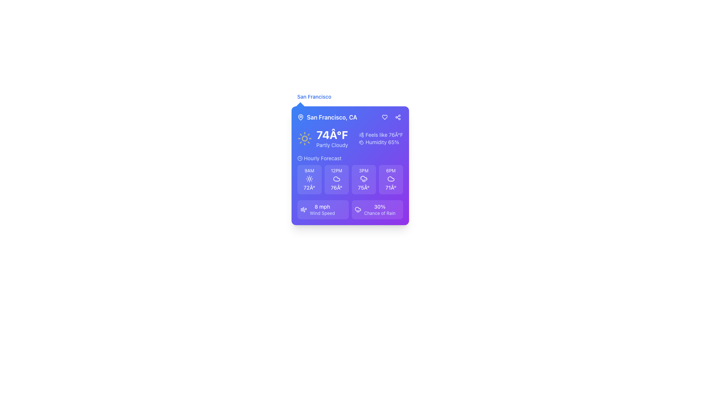  What do you see at coordinates (300, 106) in the screenshot?
I see `the decorative indicator located at the top-left corner of the weather card component, which overlaps the header section above the text 'San Francisco, CA.'` at bounding box center [300, 106].